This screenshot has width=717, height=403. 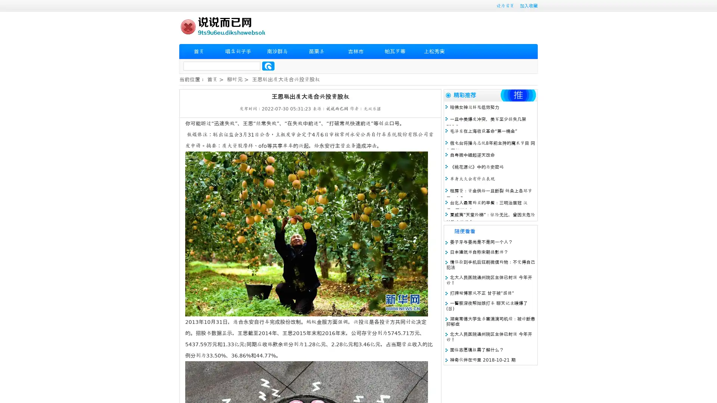 What do you see at coordinates (268, 66) in the screenshot?
I see `Search` at bounding box center [268, 66].